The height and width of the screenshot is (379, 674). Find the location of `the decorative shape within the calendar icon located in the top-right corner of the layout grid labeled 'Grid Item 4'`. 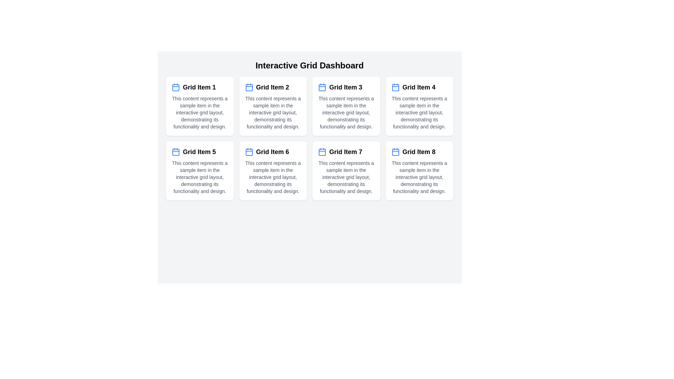

the decorative shape within the calendar icon located in the top-right corner of the layout grid labeled 'Grid Item 4' is located at coordinates (395, 87).